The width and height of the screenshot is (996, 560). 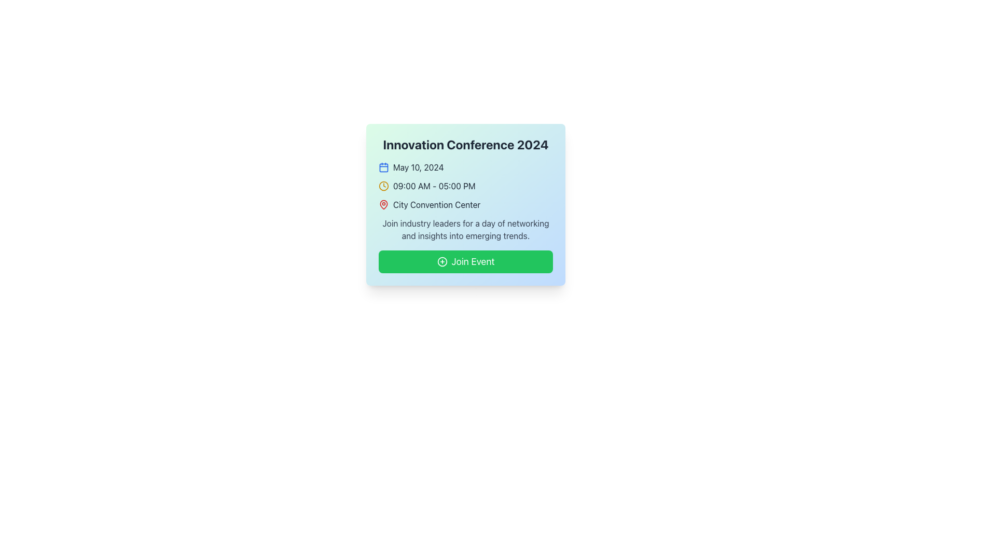 What do you see at coordinates (442, 261) in the screenshot?
I see `the circular icon with a green border and white inner area located at the center of the 'Join Event' button, which is positioned at the bottom of the event information card` at bounding box center [442, 261].